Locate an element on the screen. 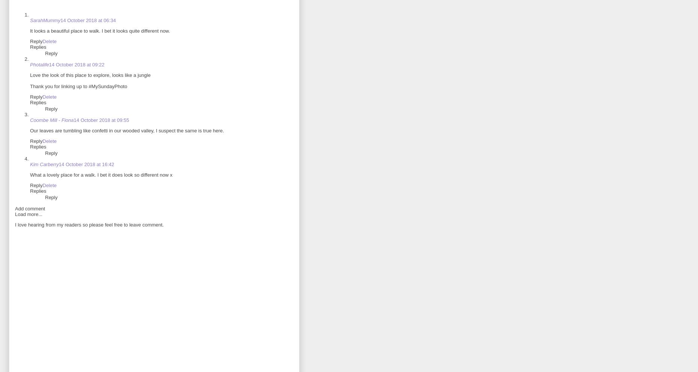 The height and width of the screenshot is (372, 698). 'Thank you for linking up to #MySundayPhoto' is located at coordinates (30, 86).